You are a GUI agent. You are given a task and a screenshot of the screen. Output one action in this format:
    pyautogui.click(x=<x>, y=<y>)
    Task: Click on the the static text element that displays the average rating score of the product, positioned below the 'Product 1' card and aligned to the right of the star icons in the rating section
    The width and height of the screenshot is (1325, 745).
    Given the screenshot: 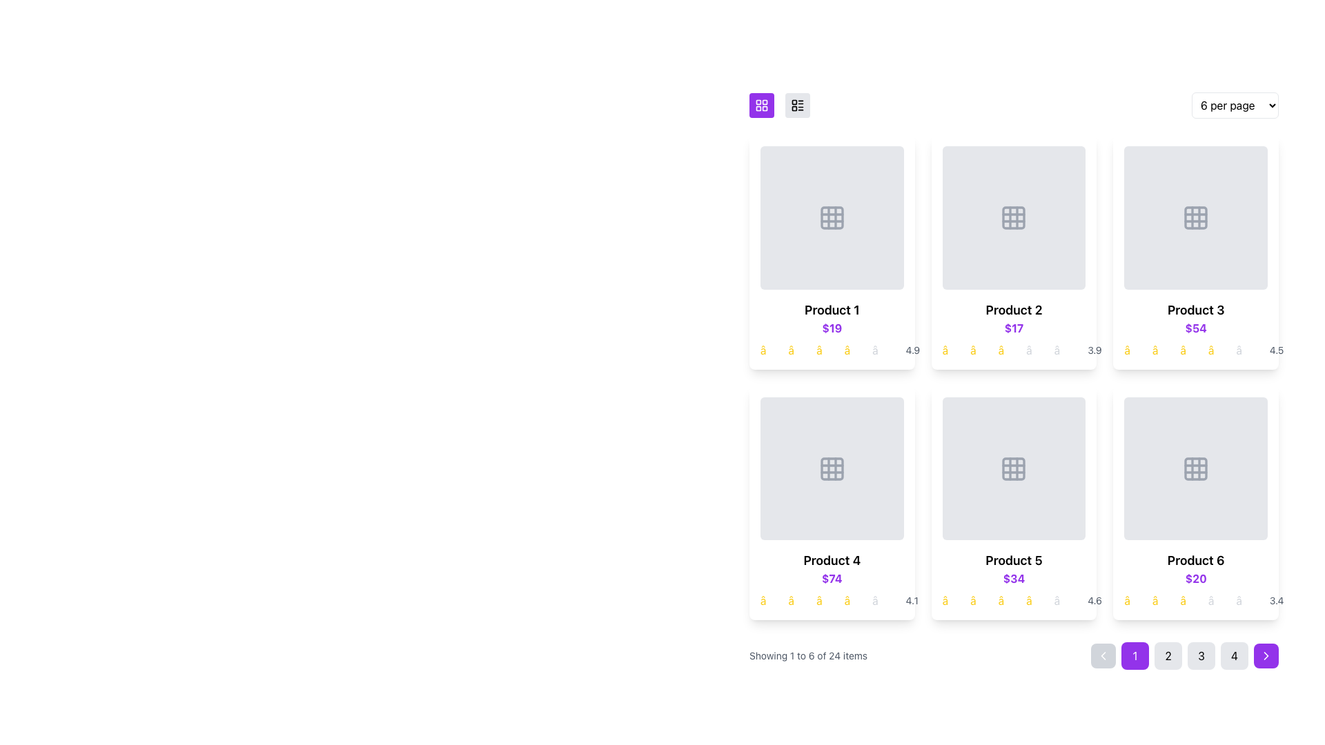 What is the action you would take?
    pyautogui.click(x=912, y=349)
    